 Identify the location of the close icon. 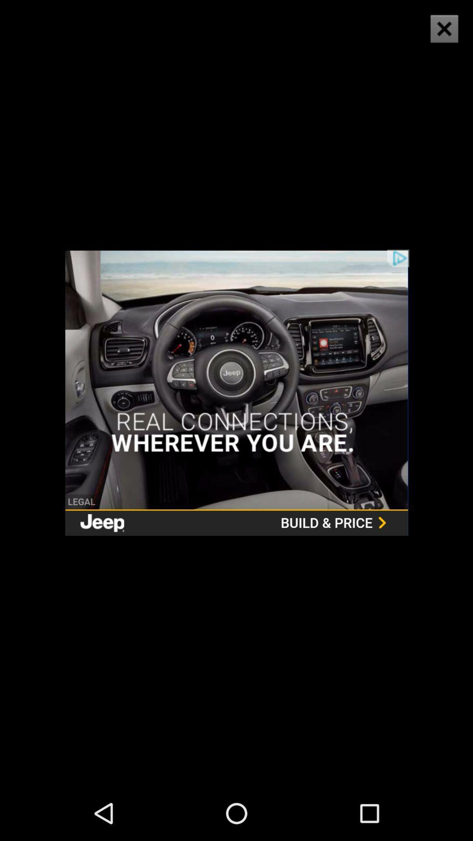
(444, 31).